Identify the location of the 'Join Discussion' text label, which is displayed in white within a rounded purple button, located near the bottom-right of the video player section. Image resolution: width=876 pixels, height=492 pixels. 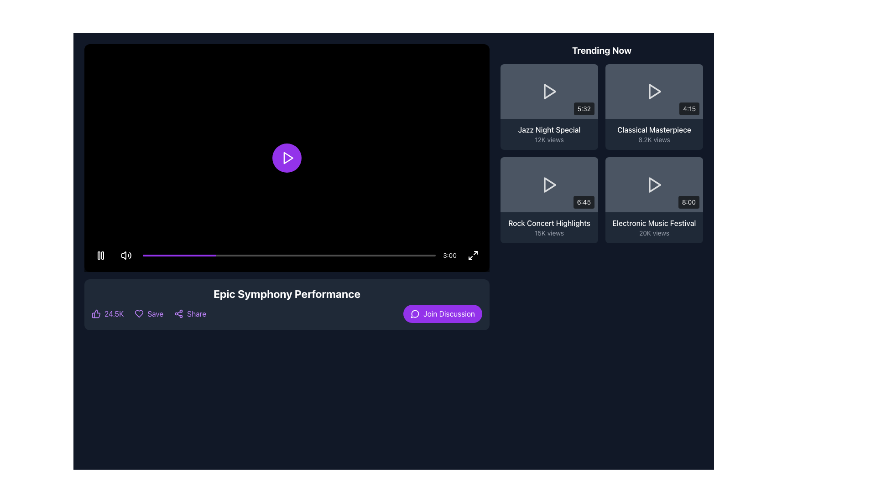
(449, 313).